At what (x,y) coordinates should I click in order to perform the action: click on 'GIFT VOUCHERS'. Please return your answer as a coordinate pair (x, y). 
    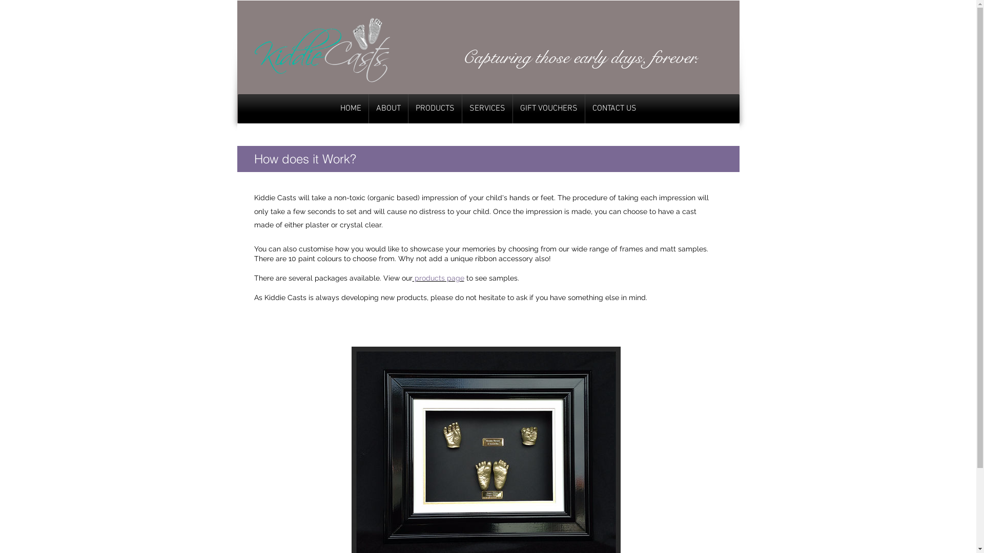
    Looking at the image, I should click on (548, 109).